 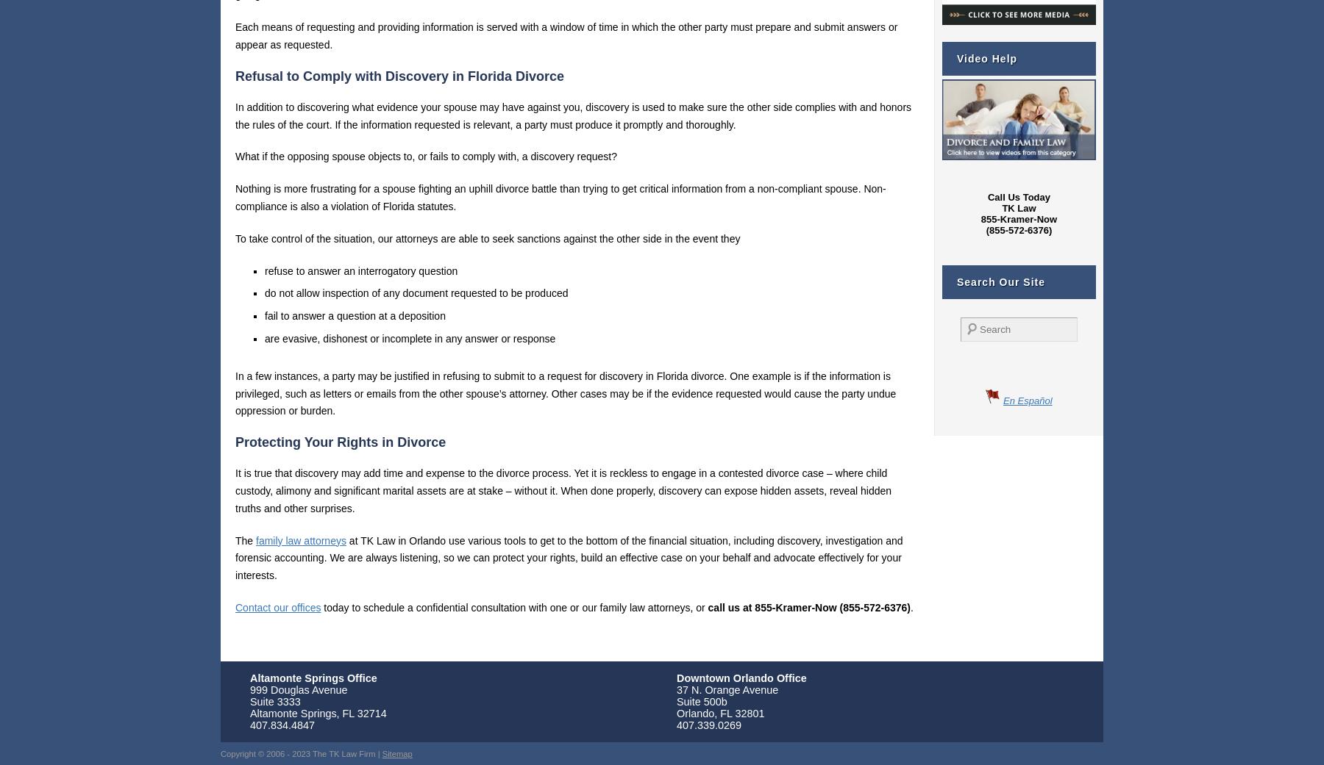 What do you see at coordinates (399, 74) in the screenshot?
I see `'Refusal to Comply with Discovery in Florida Divorce'` at bounding box center [399, 74].